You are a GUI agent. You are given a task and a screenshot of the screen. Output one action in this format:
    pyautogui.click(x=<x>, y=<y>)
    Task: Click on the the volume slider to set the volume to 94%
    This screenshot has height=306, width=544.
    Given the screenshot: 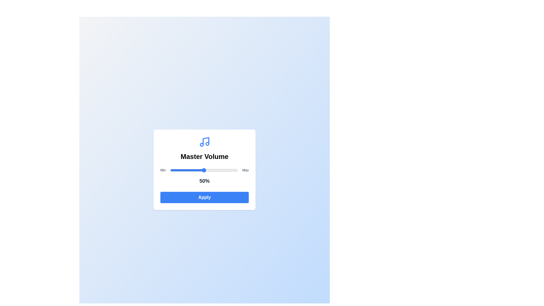 What is the action you would take?
    pyautogui.click(x=234, y=170)
    